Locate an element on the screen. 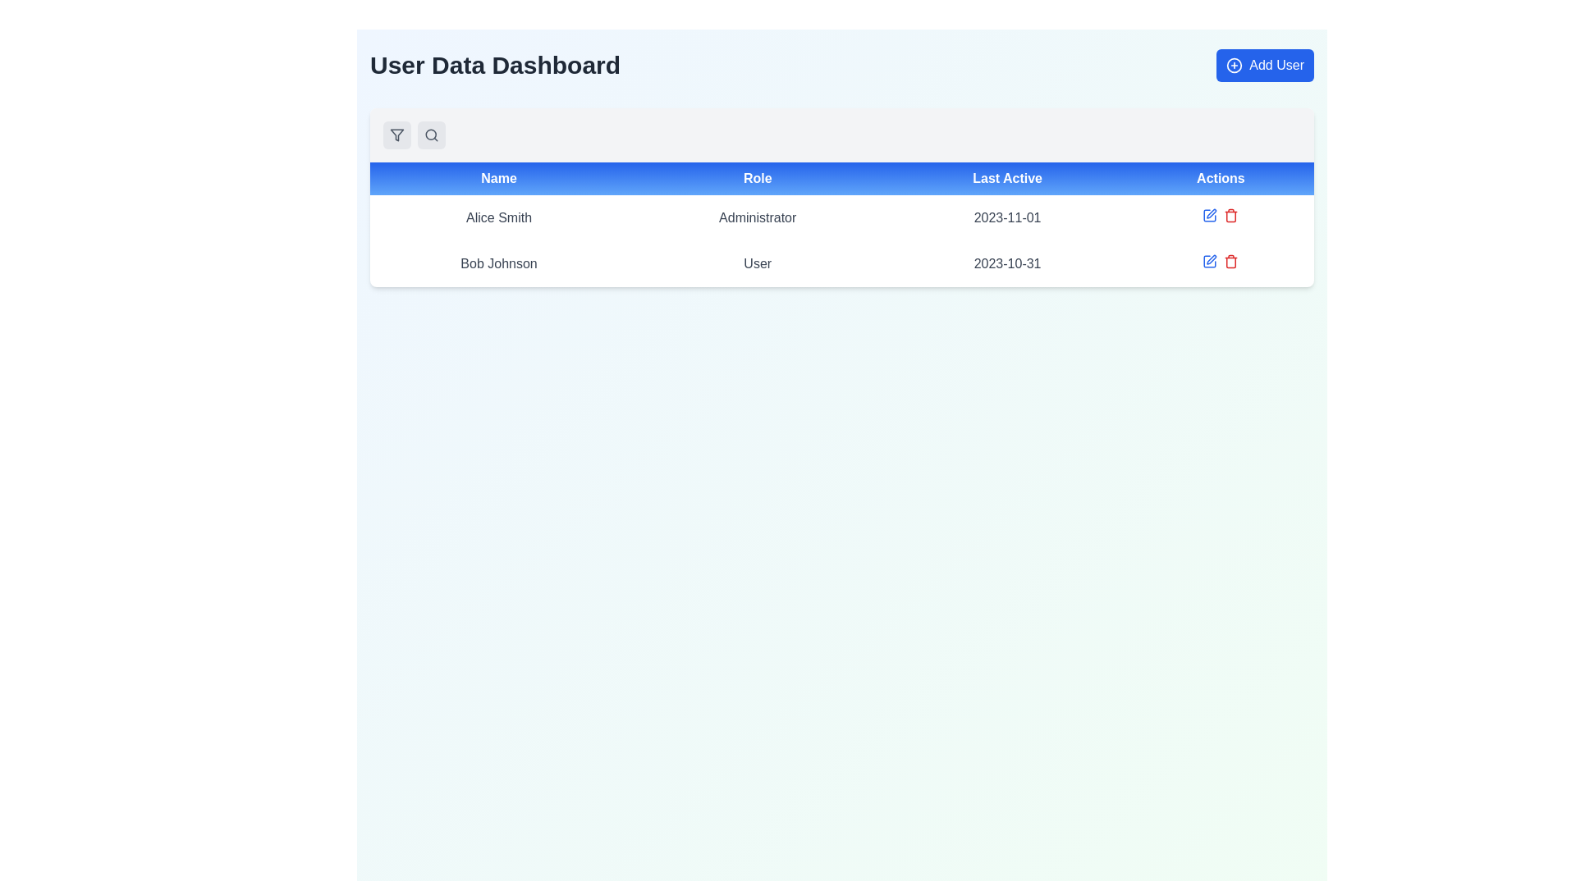 This screenshot has width=1576, height=886. text content of the first text cell in the top row of the table under the column titled 'Name', which is aligned horizontally to the left is located at coordinates (498, 217).